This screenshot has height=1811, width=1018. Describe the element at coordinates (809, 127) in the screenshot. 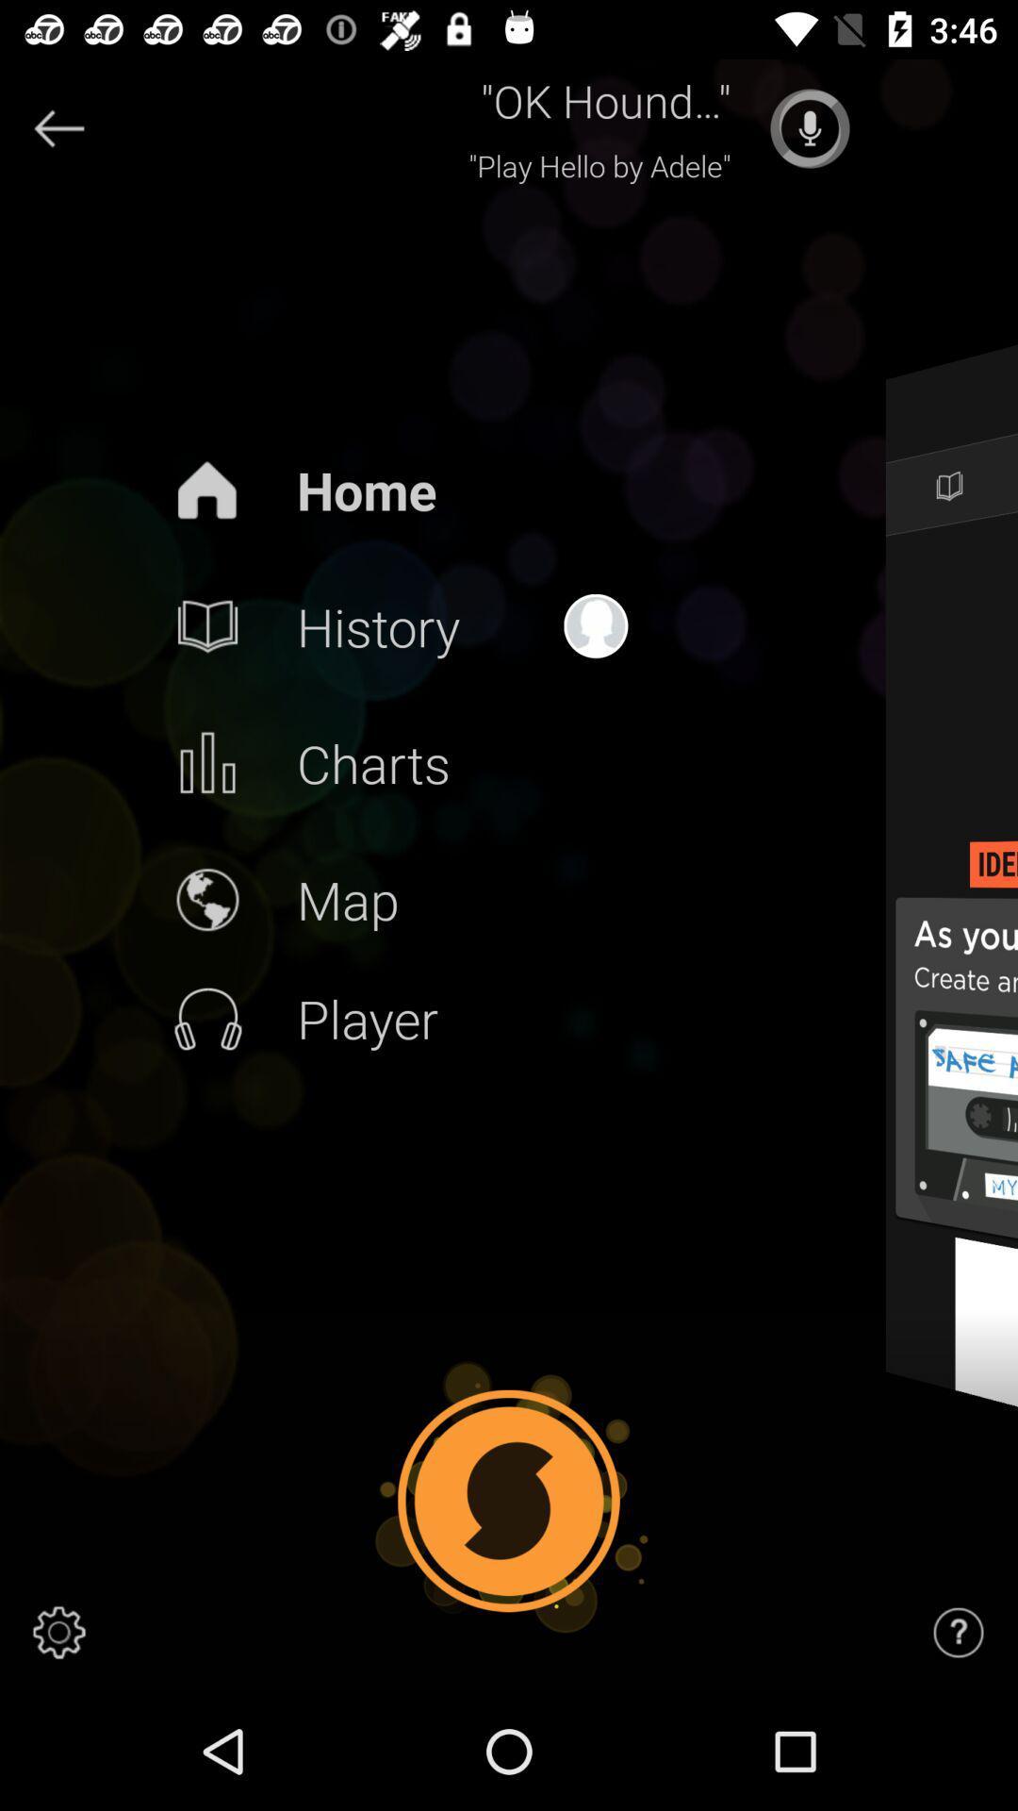

I see `the microphone icon` at that location.